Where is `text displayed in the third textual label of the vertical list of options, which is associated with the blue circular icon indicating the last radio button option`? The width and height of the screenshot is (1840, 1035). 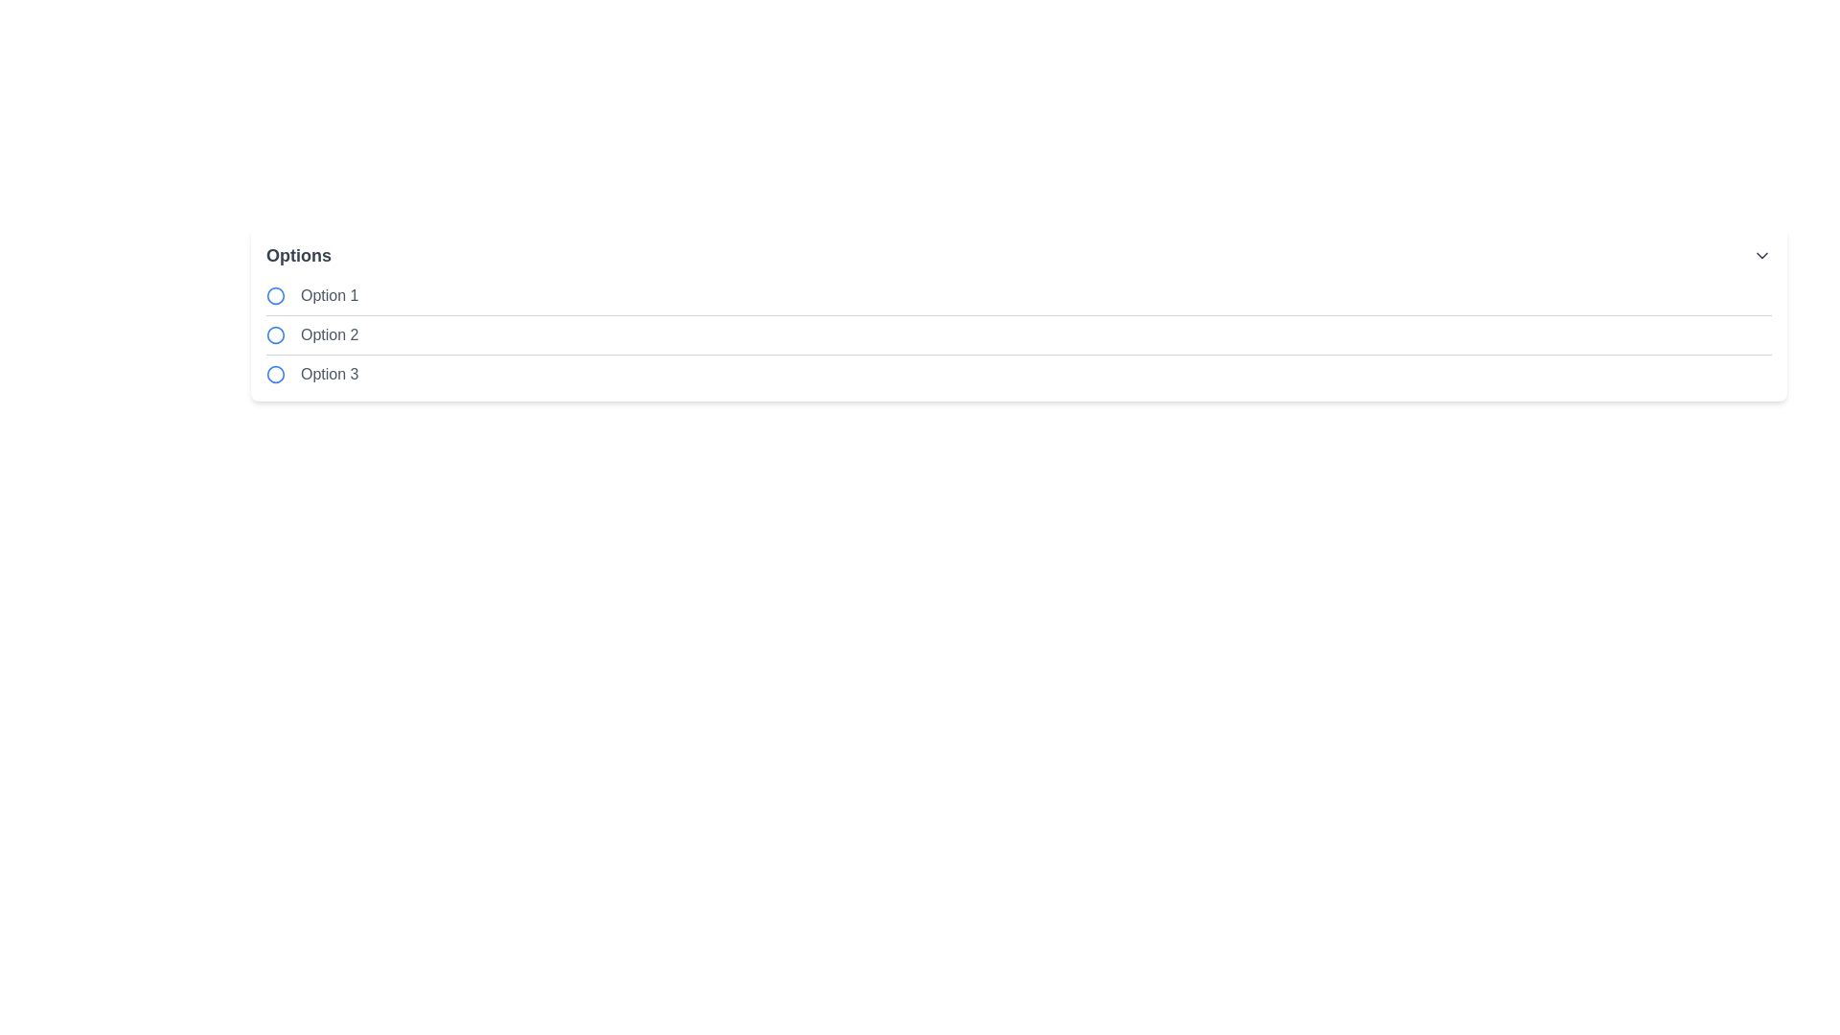 text displayed in the third textual label of the vertical list of options, which is associated with the blue circular icon indicating the last radio button option is located at coordinates (330, 374).